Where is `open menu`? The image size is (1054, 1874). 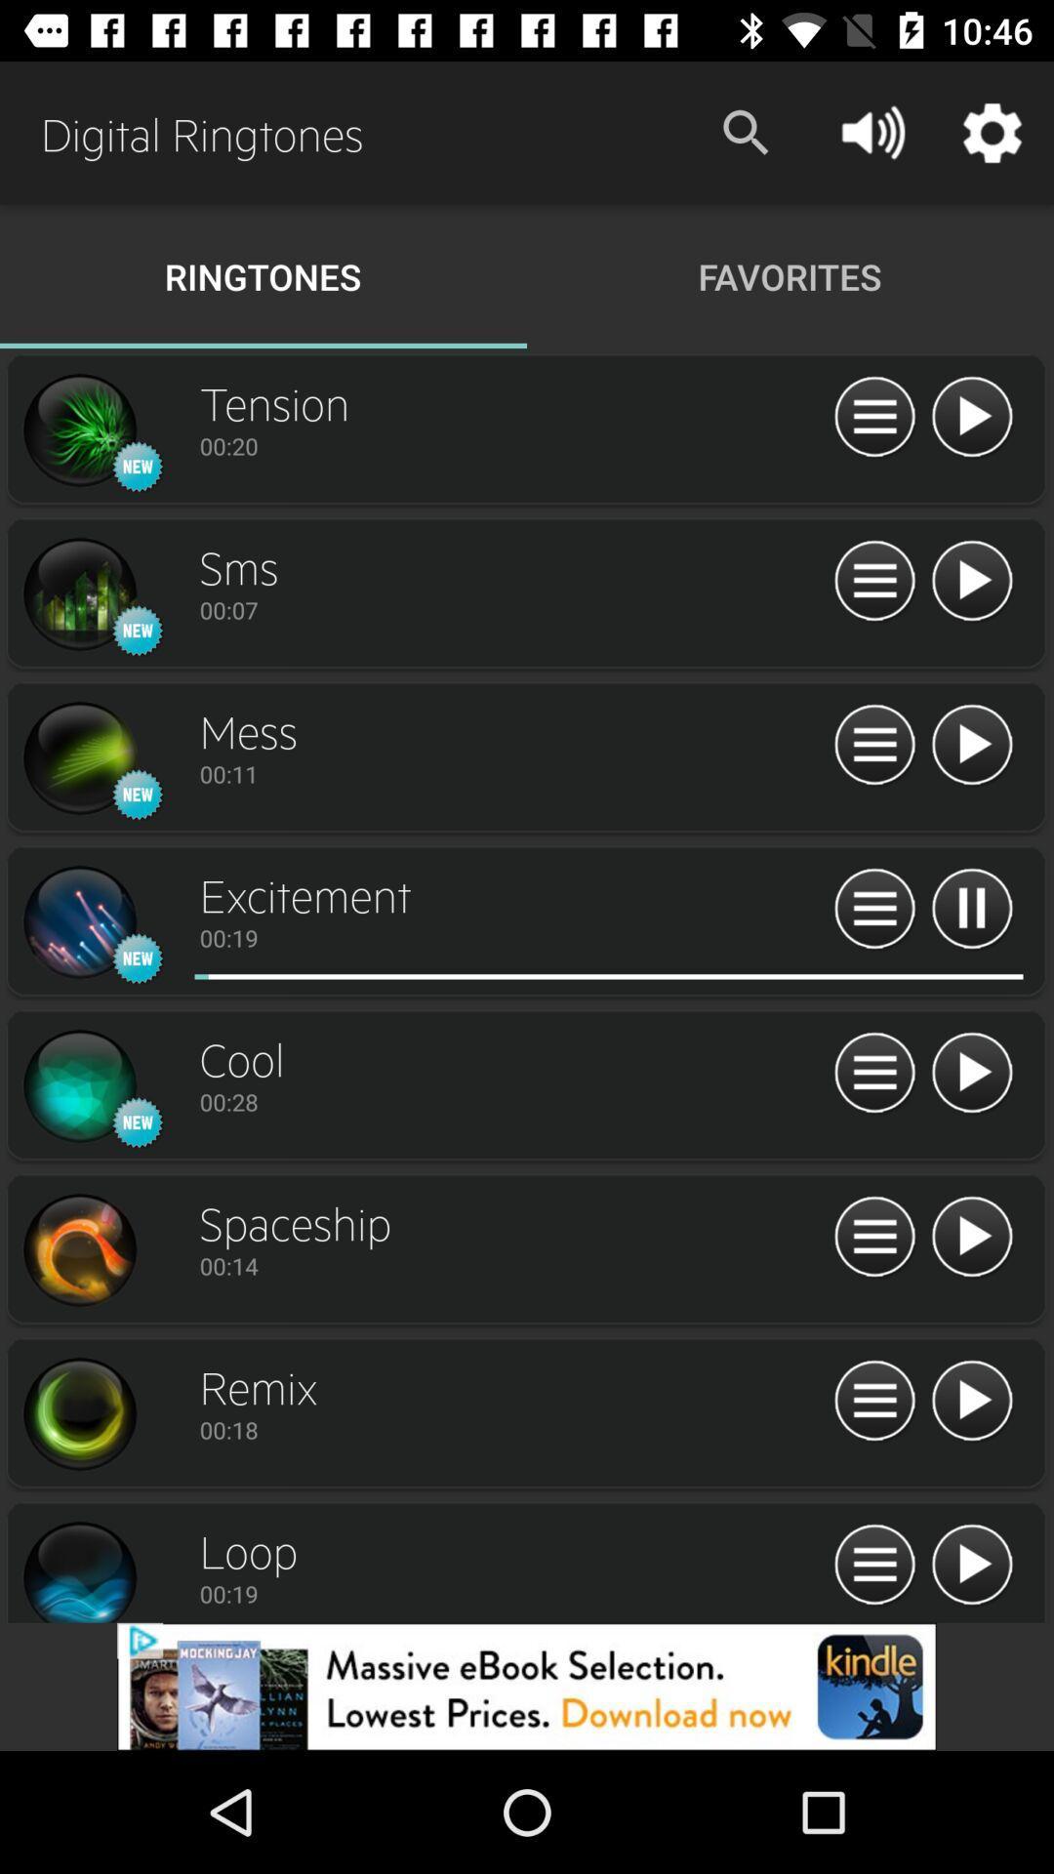
open menu is located at coordinates (873, 1237).